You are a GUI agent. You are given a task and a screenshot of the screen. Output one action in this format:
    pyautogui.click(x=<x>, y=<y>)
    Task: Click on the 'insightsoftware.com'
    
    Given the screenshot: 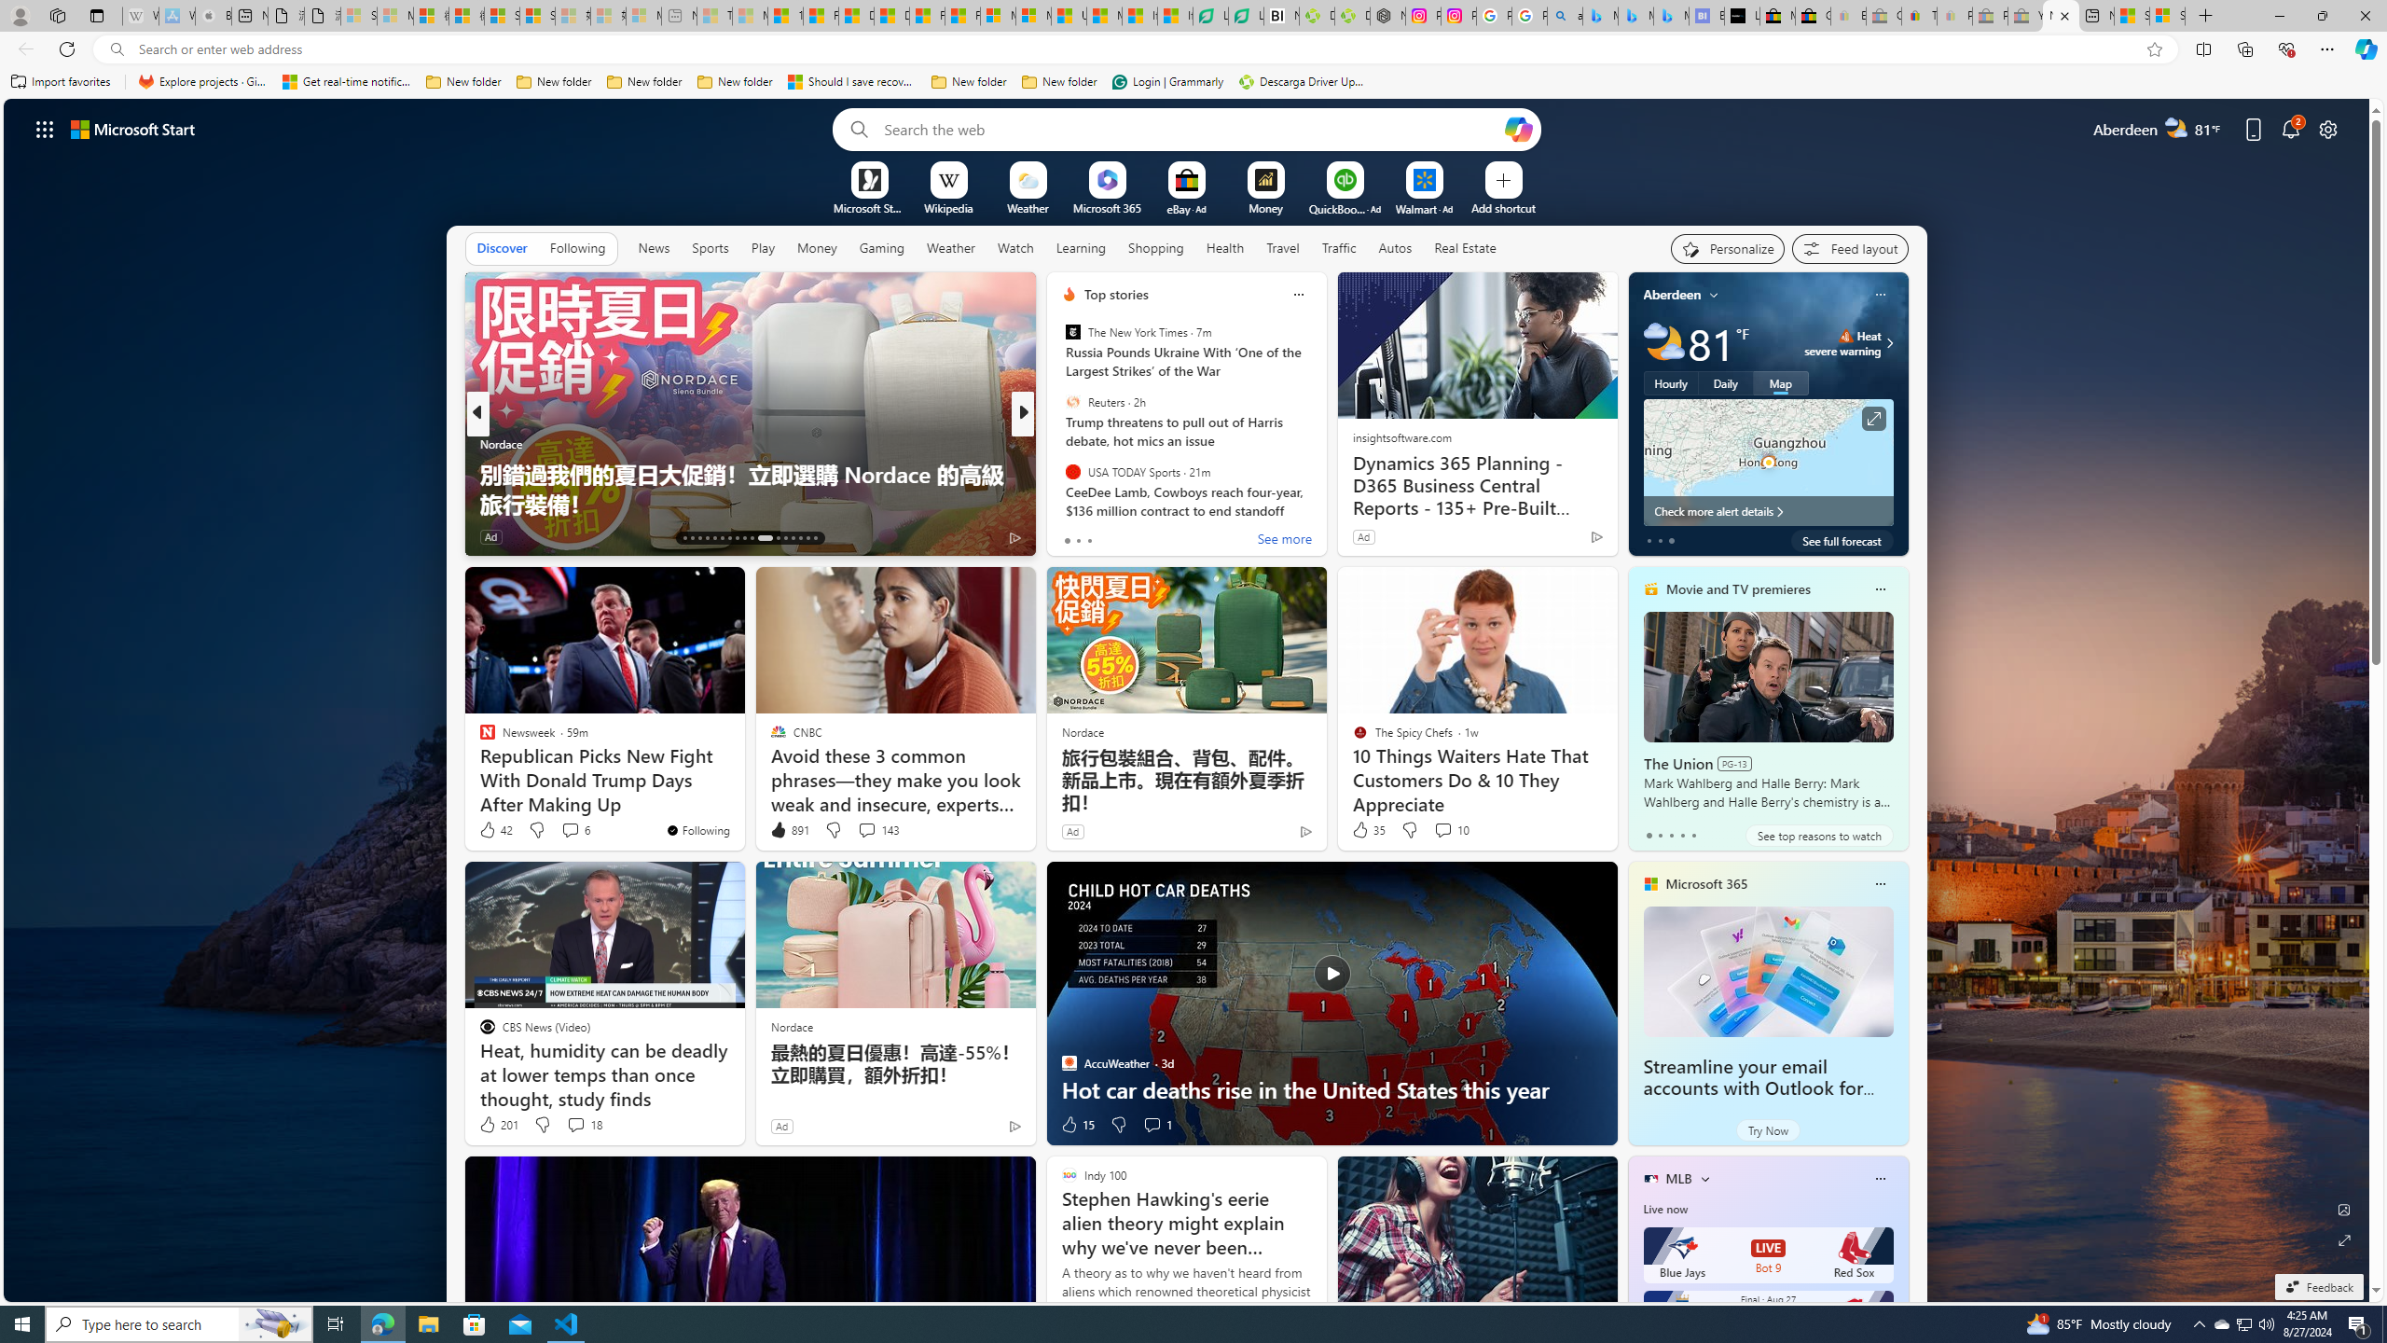 What is the action you would take?
    pyautogui.click(x=1400, y=436)
    